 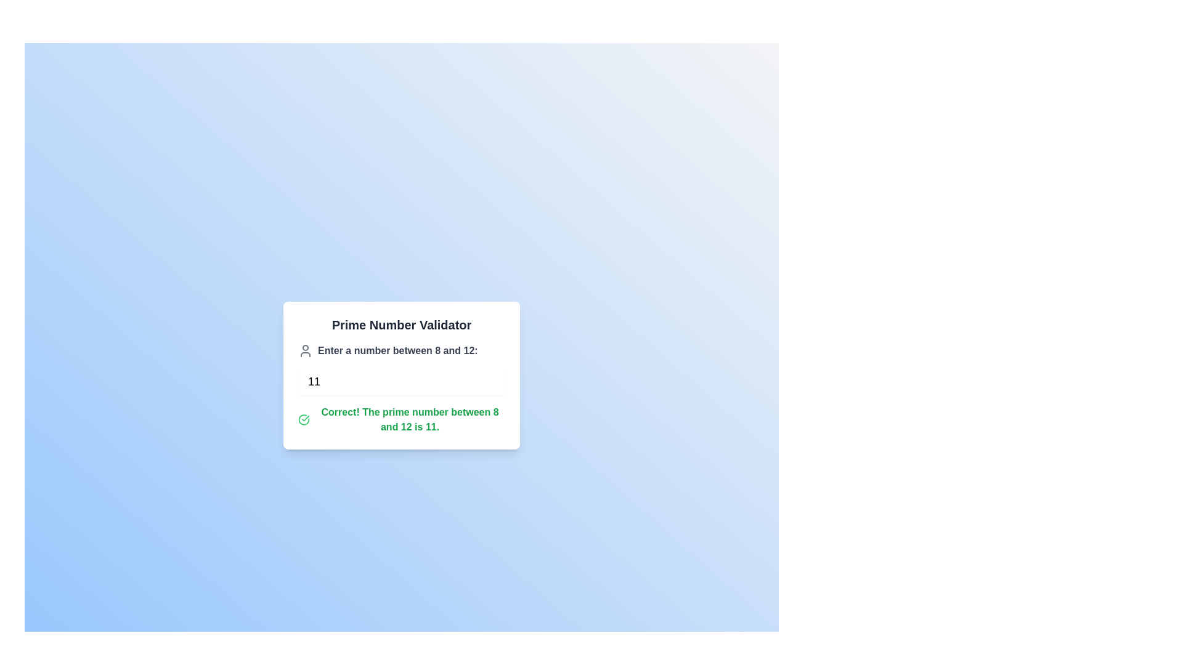 I want to click on the bold-text label displaying the instruction 'Enter a number between 8 and 12:' in the 'Prime Number Validator' section, so click(x=397, y=351).